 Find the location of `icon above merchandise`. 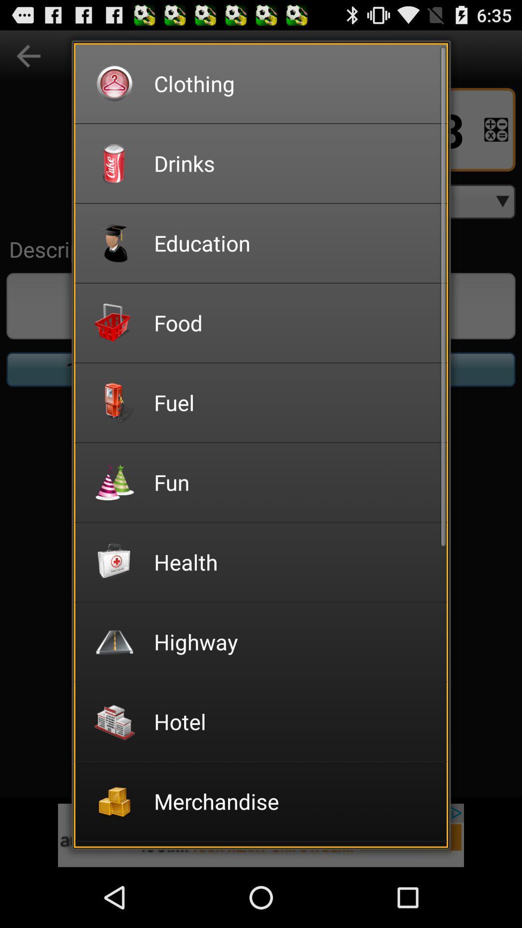

icon above merchandise is located at coordinates (293, 721).